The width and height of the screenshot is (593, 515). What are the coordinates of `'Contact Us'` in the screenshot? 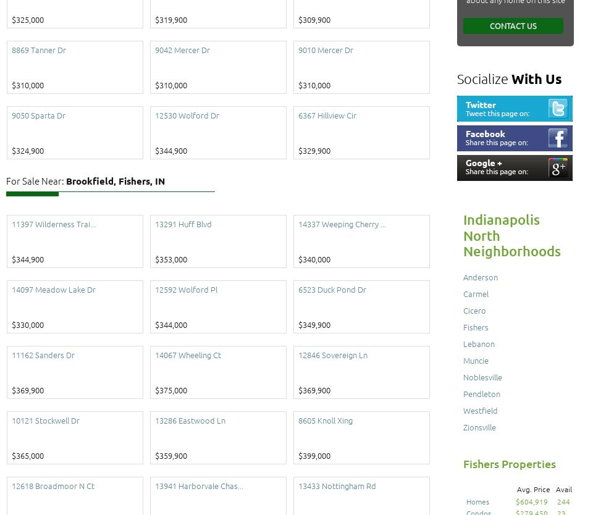 It's located at (513, 25).